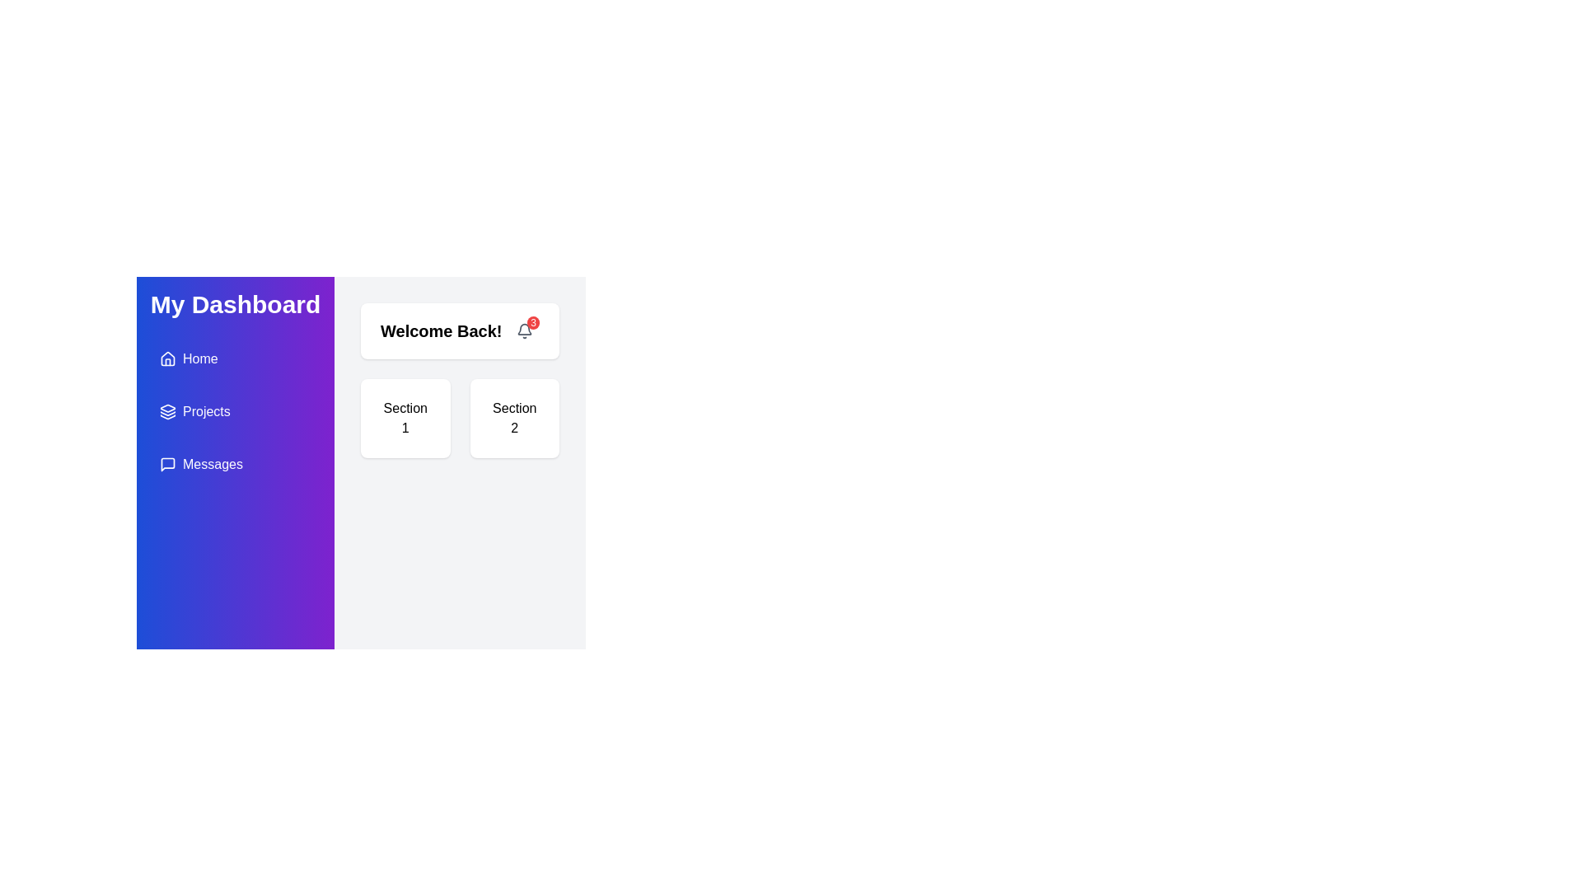 Image resolution: width=1582 pixels, height=890 pixels. What do you see at coordinates (524, 330) in the screenshot?
I see `the Notification Icon with Badge, which is a gray bell icon with a red badge displaying the number '3', located to the right of the 'Welcome Back!' text` at bounding box center [524, 330].